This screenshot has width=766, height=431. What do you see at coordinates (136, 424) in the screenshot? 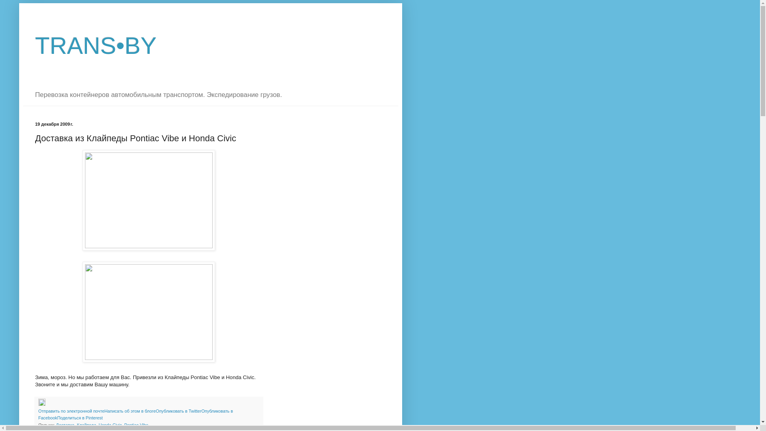
I see `'Pontiac Vibe'` at bounding box center [136, 424].